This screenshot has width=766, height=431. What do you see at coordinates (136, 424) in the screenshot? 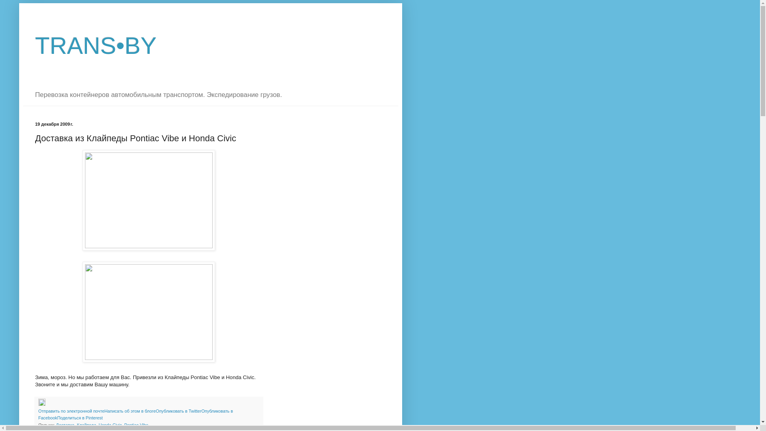
I see `'Pontiac Vibe'` at bounding box center [136, 424].